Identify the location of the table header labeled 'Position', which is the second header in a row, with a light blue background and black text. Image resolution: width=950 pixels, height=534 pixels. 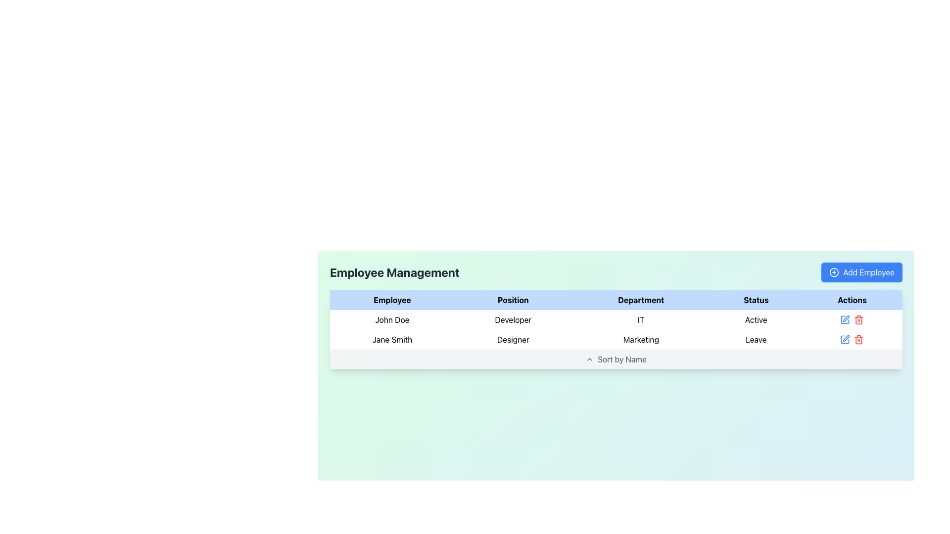
(513, 299).